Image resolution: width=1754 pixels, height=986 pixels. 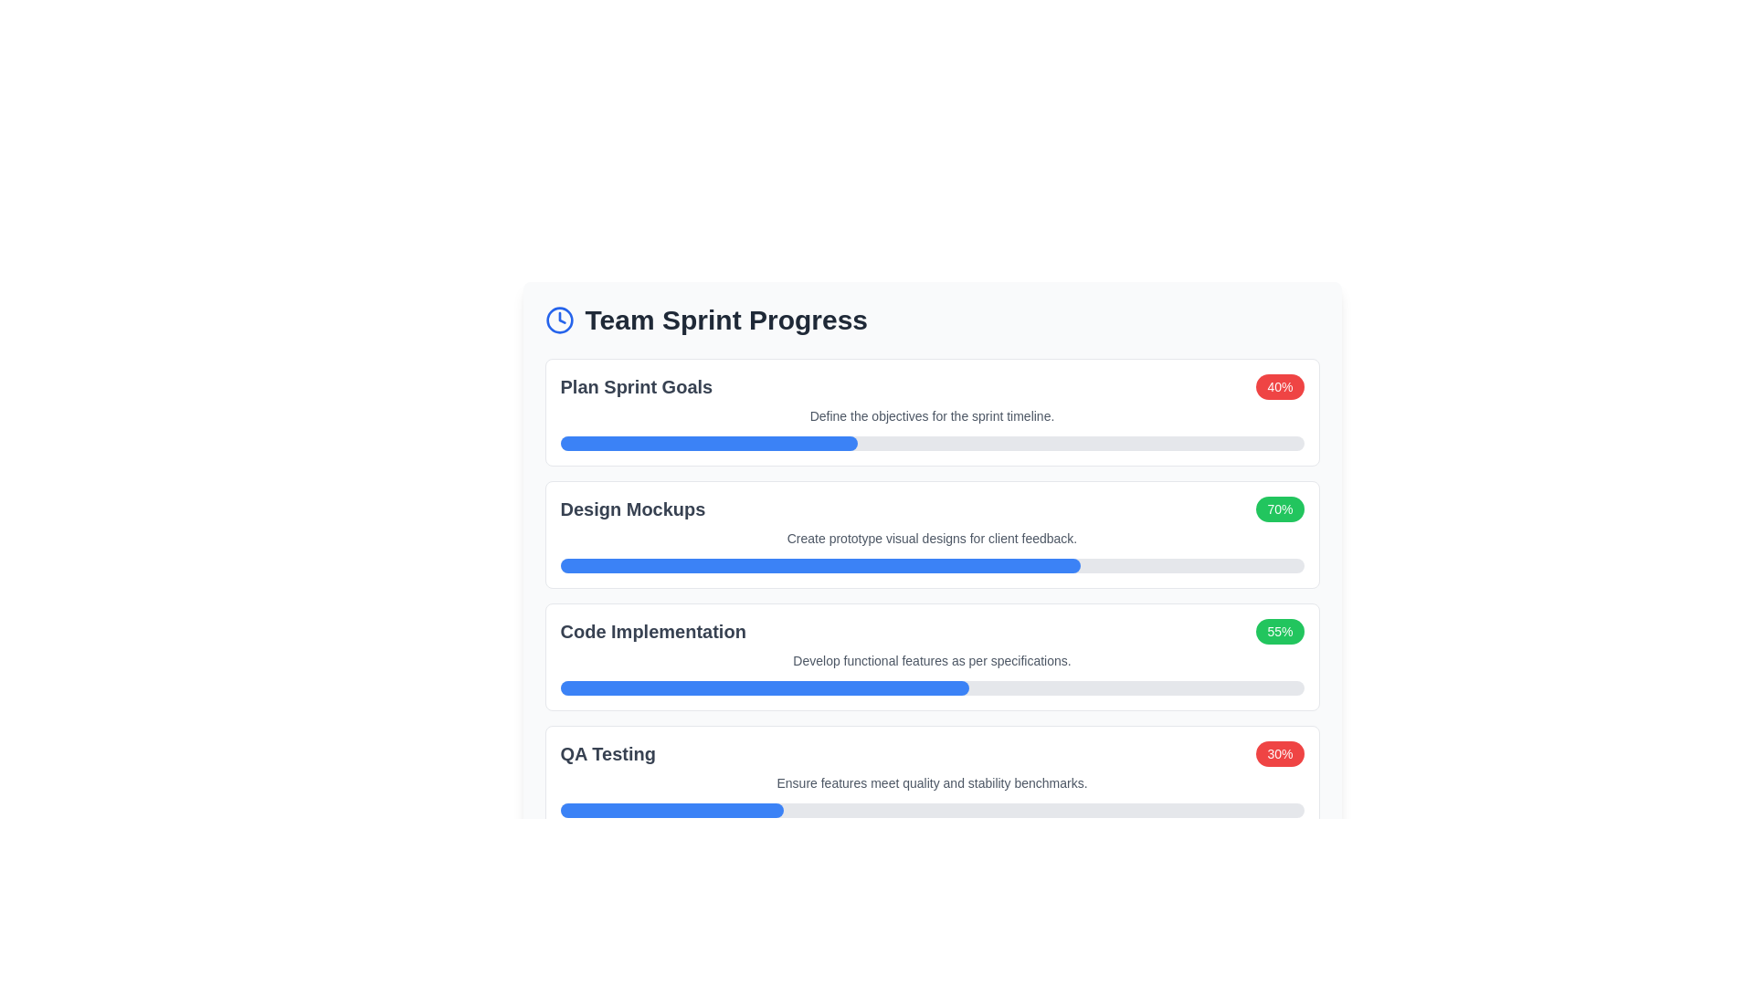 I want to click on the 'Design Mockups' text label, which serves as the title for a specific task in the progress report, so click(x=632, y=509).